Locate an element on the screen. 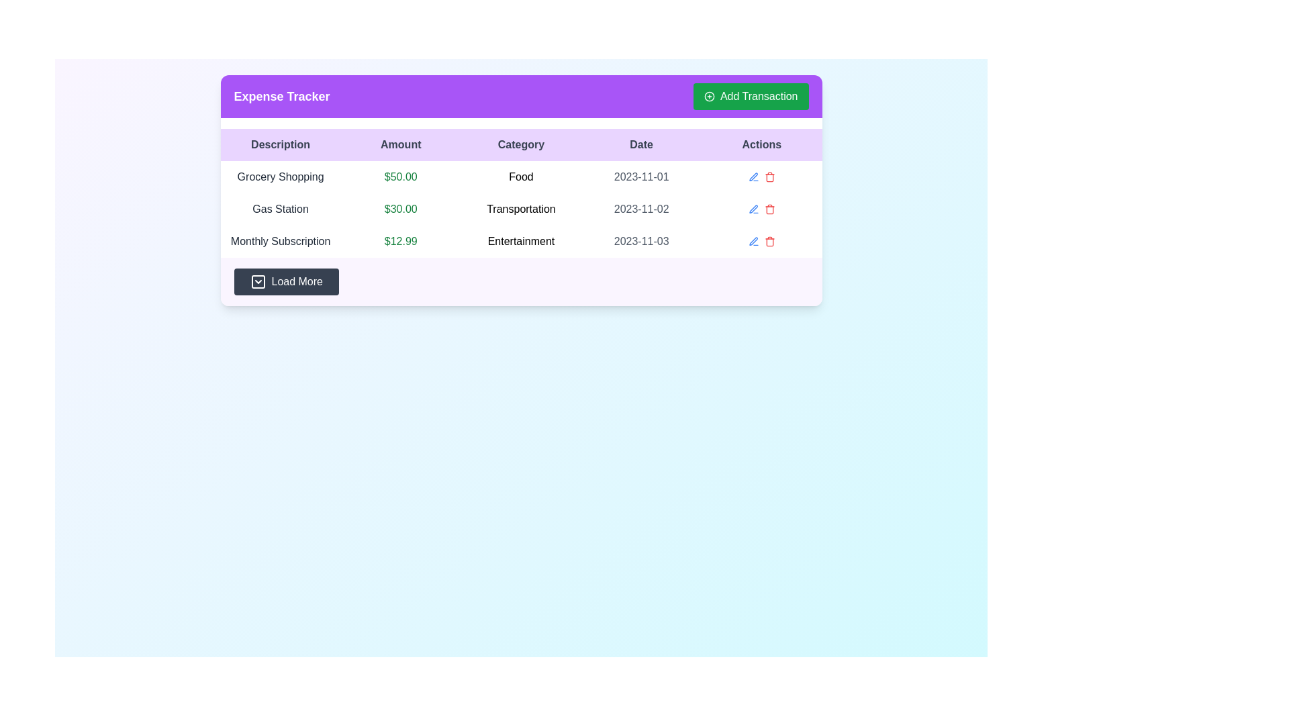 This screenshot has width=1289, height=725. the 'Amount' text label, which is the second header in the row of column headers within a table, styled with a bold font is located at coordinates (400, 145).